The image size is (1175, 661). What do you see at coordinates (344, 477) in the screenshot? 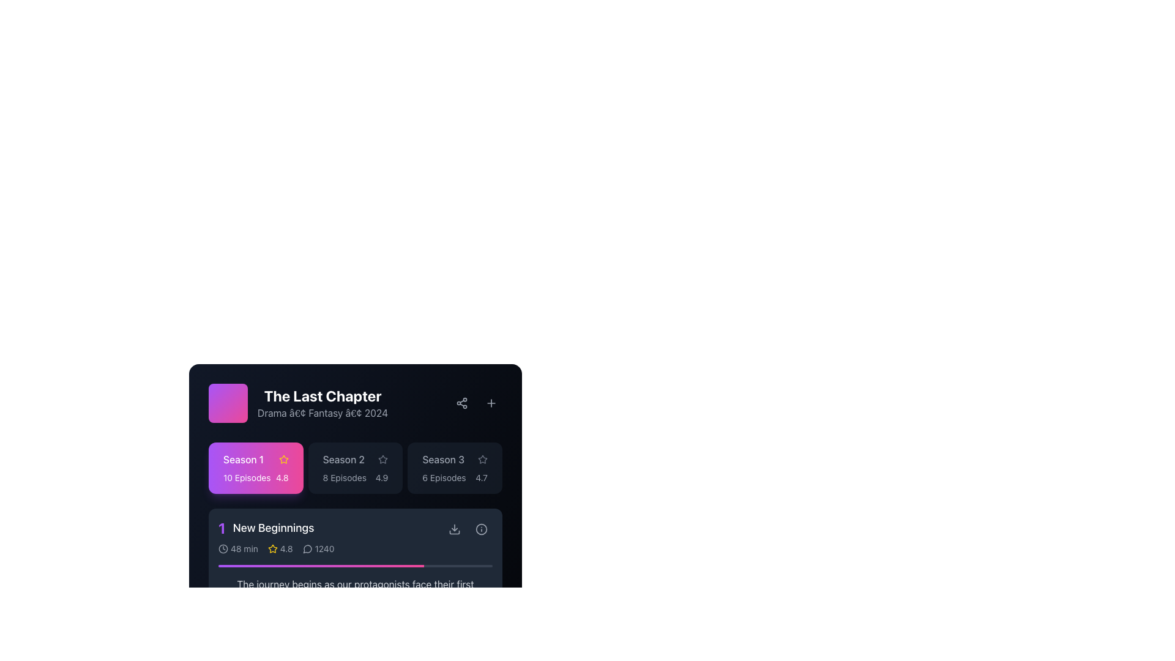
I see `the Text Label displaying '8 Episodes', which is the second item in the horizontal group of season episode information below the title 'The Last Chapter'` at bounding box center [344, 477].